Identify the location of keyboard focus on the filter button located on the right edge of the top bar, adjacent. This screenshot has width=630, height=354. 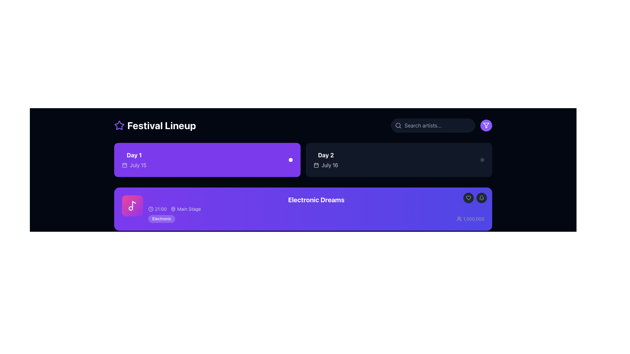
(486, 125).